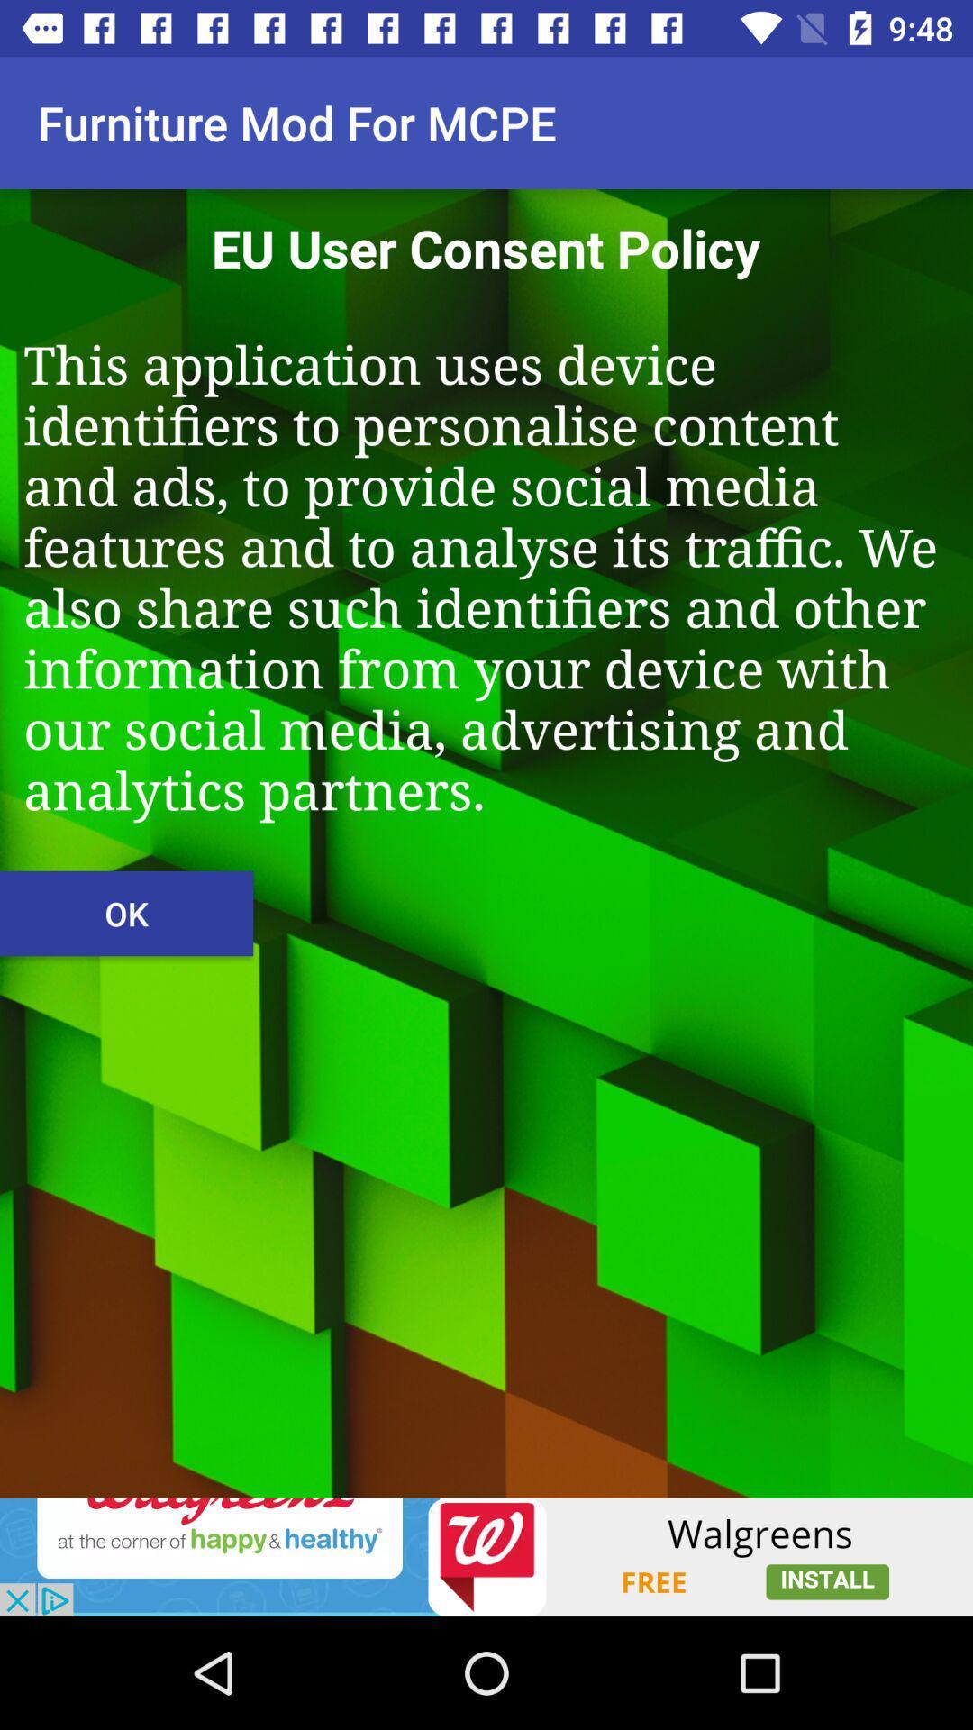  What do you see at coordinates (486, 1556) in the screenshot?
I see `open advertisement` at bounding box center [486, 1556].